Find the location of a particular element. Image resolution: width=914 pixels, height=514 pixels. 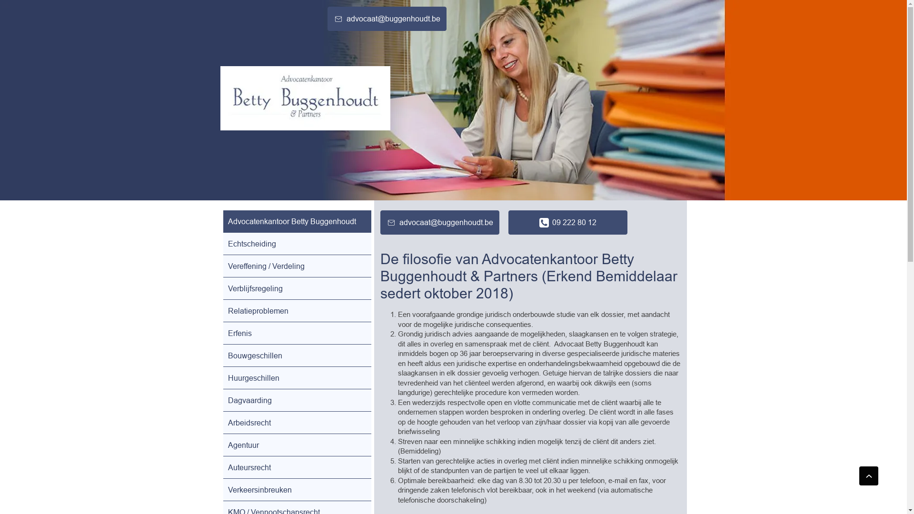

'Verblijfsregeling' is located at coordinates (296, 287).